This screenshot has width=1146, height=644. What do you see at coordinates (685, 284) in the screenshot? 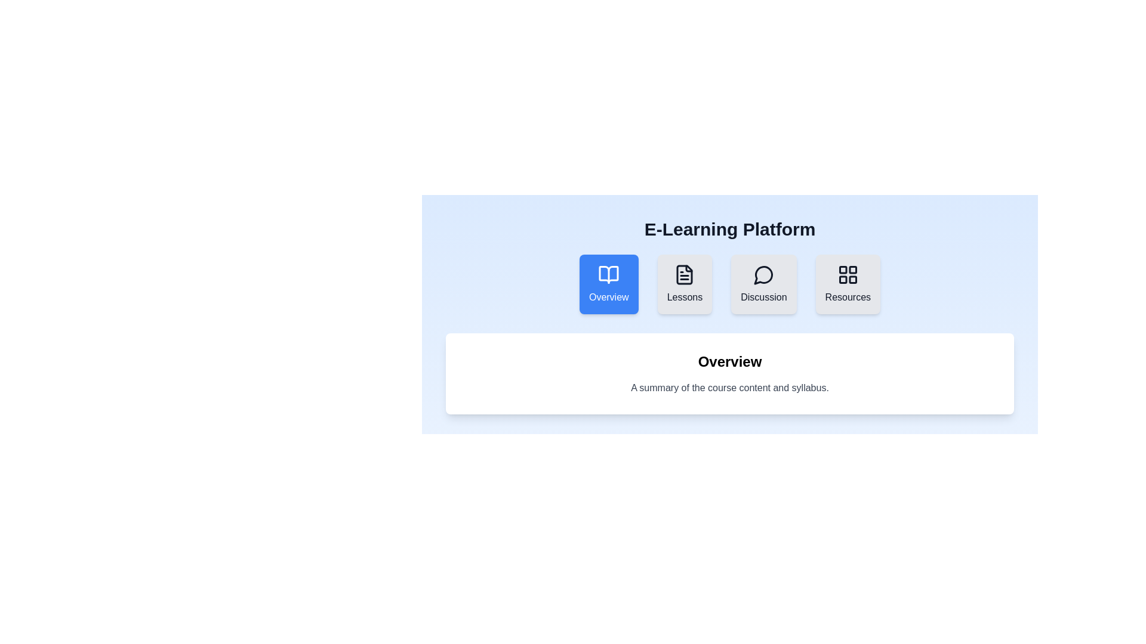
I see `the Lessons tab to switch to its content` at bounding box center [685, 284].